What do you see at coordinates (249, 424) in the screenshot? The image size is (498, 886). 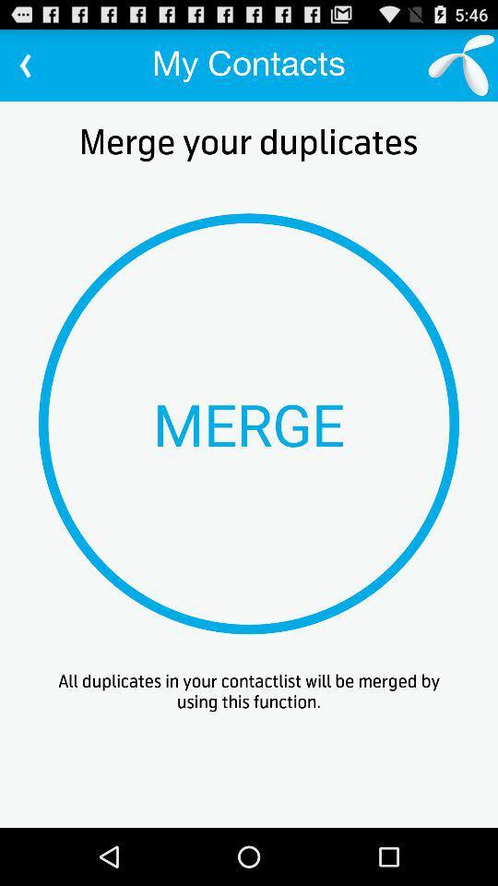 I see `the icon below the merge your duplicates item` at bounding box center [249, 424].